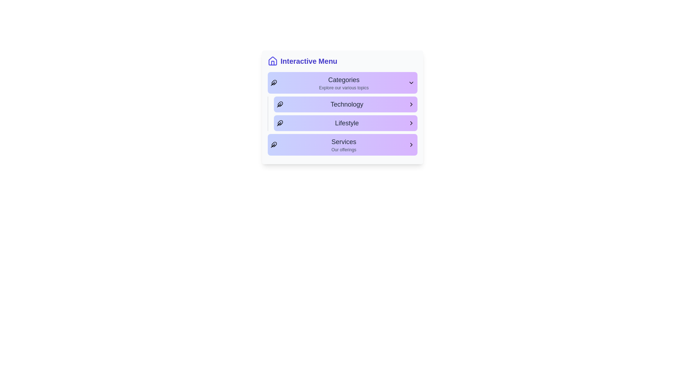  I want to click on the right-pointing Chevron icon located at the rightmost side of the 'Services - Our offerings' menu entry, so click(411, 144).